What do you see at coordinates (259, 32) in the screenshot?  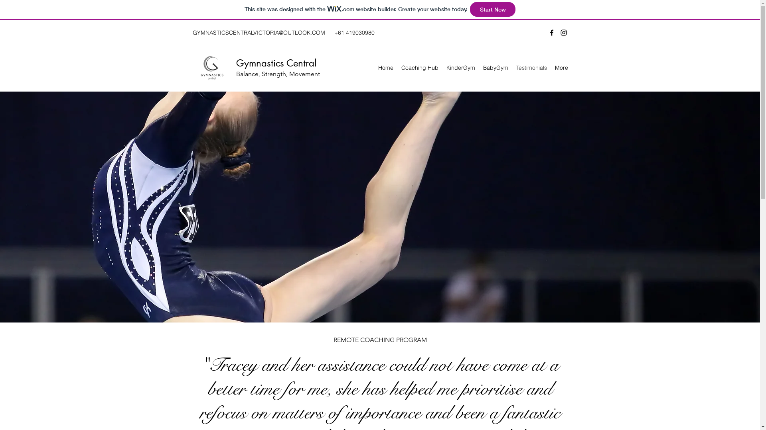 I see `'GYMNASTICSCENTRALVICTORIA@OUTLOOK.COM'` at bounding box center [259, 32].